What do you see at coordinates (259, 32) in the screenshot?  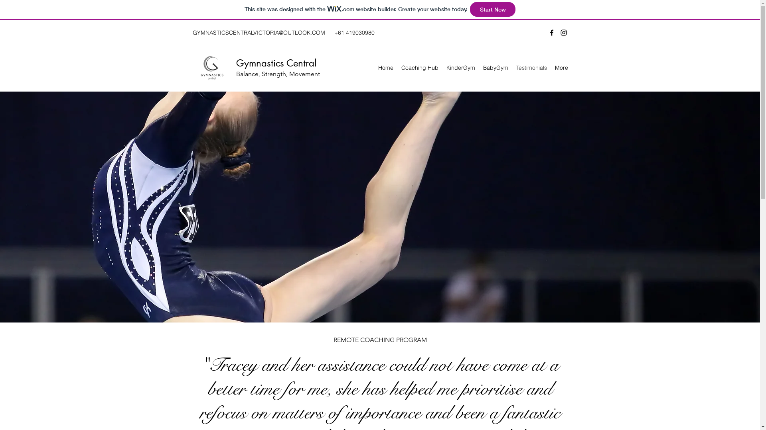 I see `'GYMNASTICSCENTRALVICTORIA@OUTLOOK.COM'` at bounding box center [259, 32].